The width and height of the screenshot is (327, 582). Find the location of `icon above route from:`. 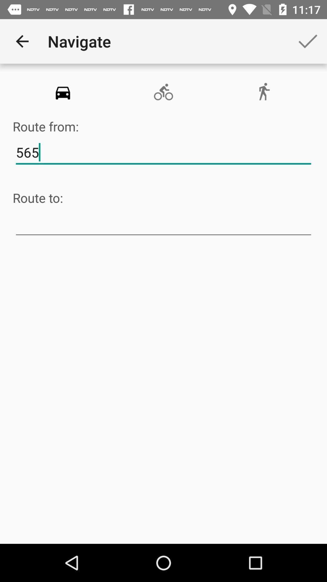

icon above route from: is located at coordinates (63, 92).